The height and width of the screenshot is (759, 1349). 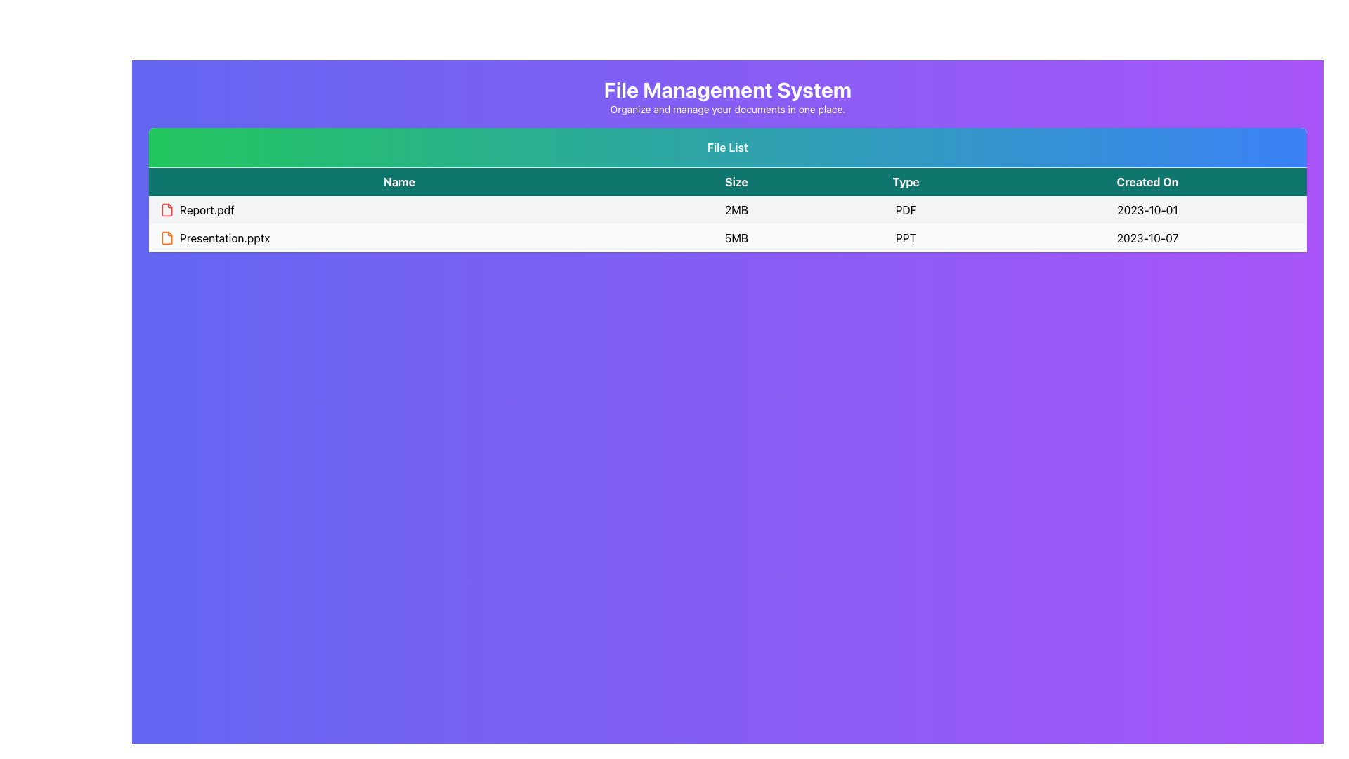 I want to click on the text label displaying '5MB' that represents the size of the file 'Presentation.pptx' within the second row of the table under the 'Size' column, so click(x=736, y=238).